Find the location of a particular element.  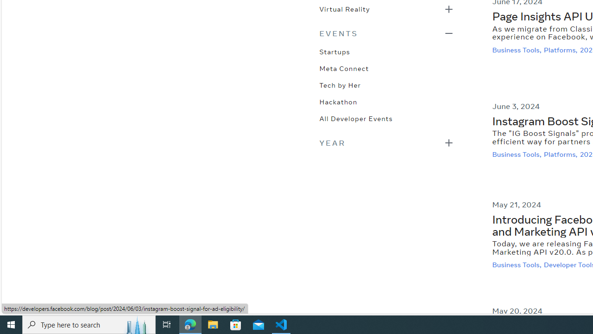

'All Developer Events' is located at coordinates (355, 117).